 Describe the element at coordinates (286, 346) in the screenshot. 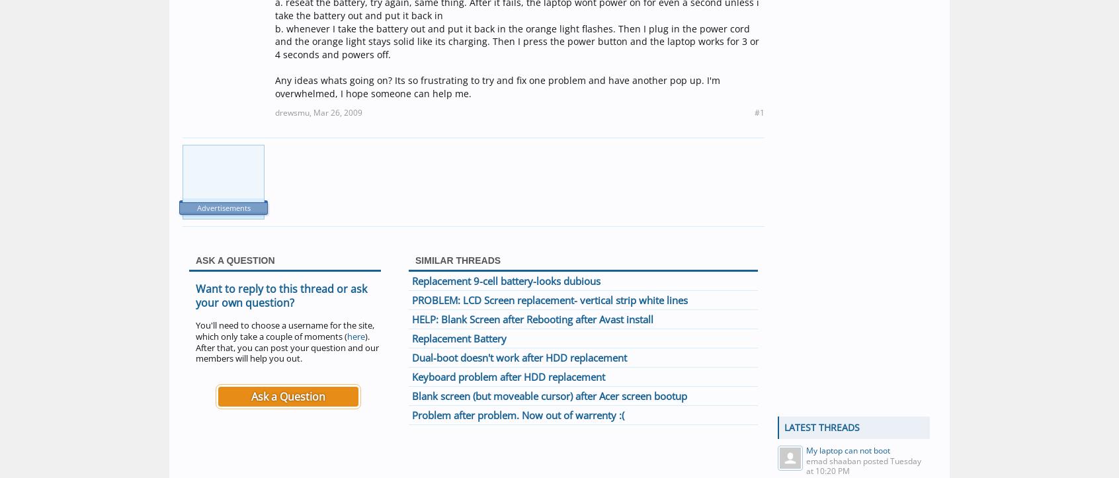

I see `'). After that, you can post your question and our members will help you out.'` at that location.